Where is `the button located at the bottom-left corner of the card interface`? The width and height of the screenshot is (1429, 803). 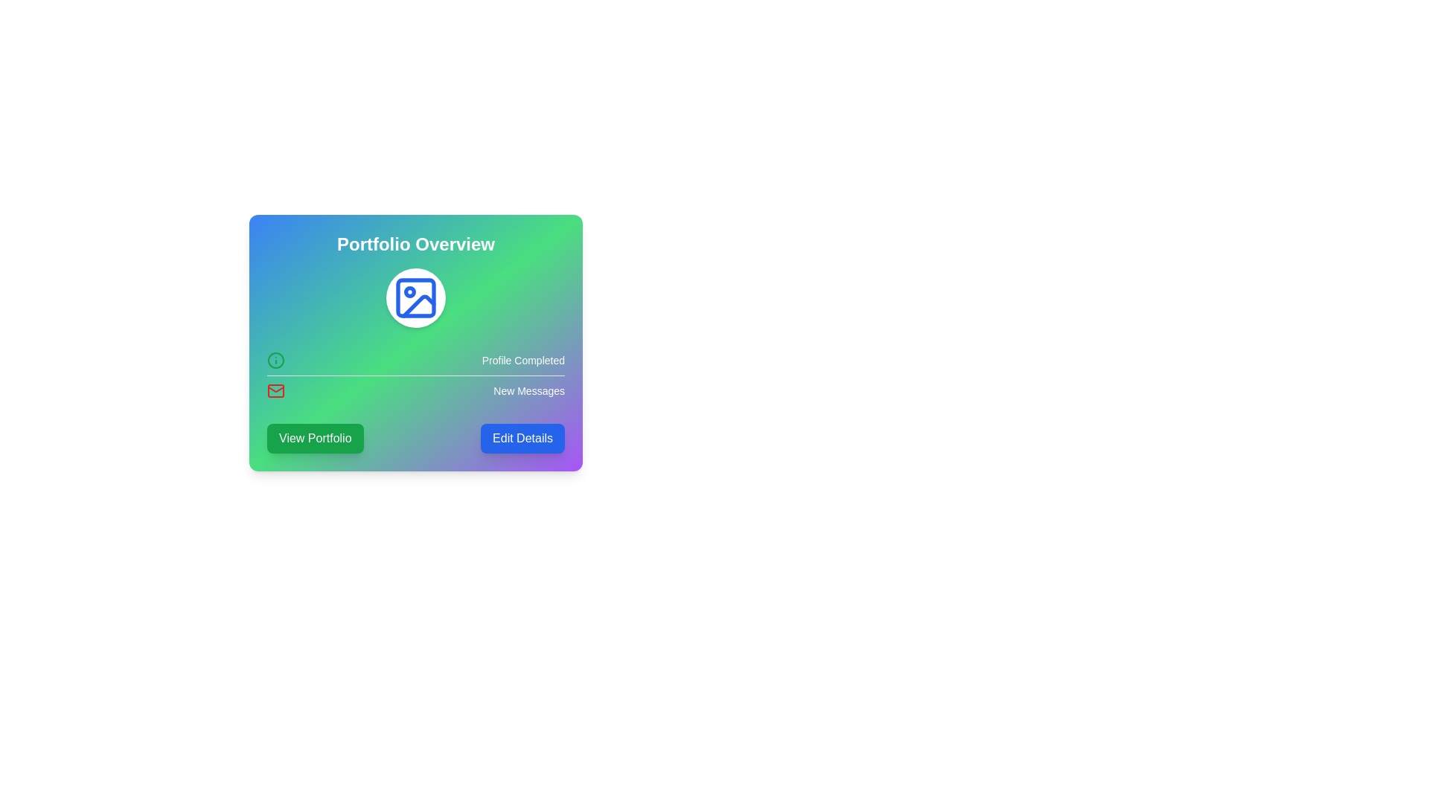
the button located at the bottom-left corner of the card interface is located at coordinates (314, 438).